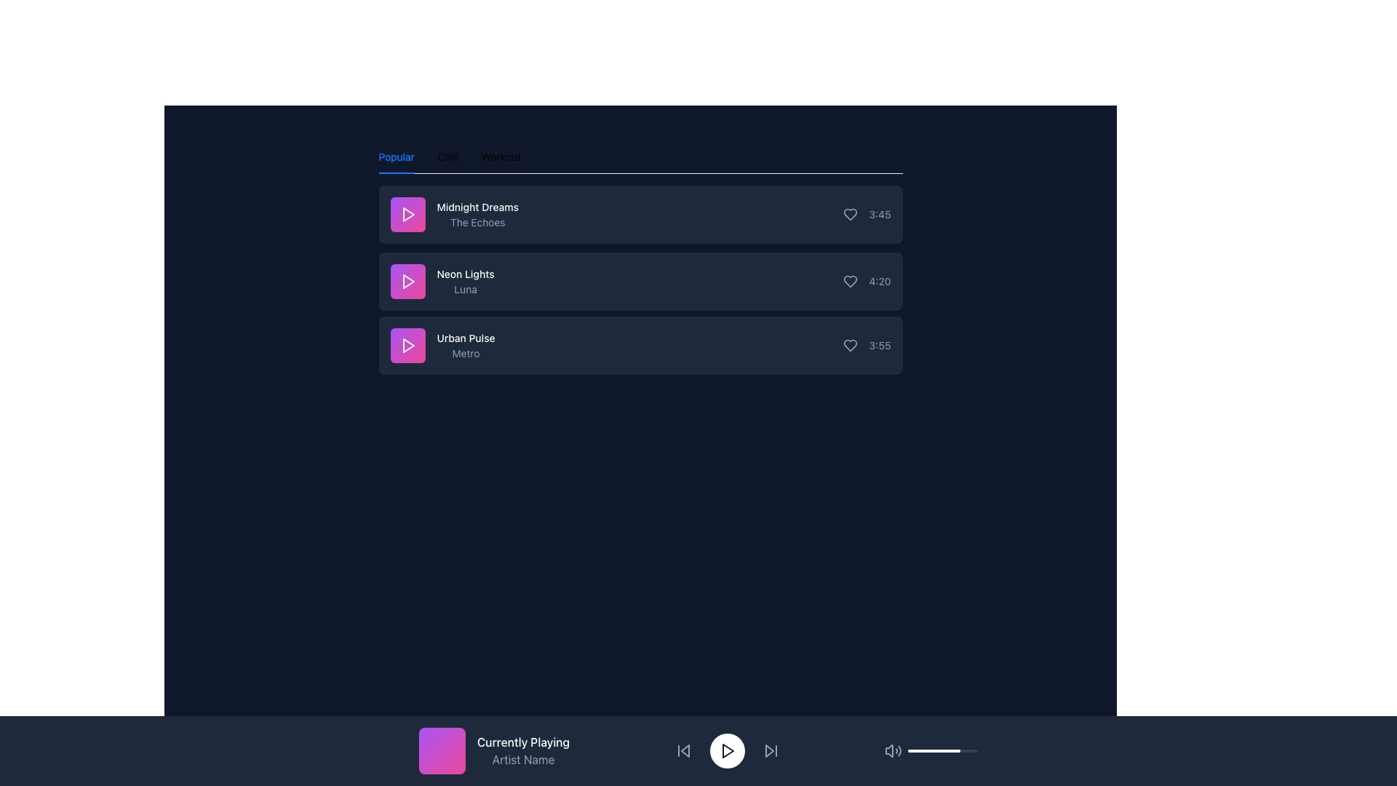 This screenshot has height=786, width=1397. Describe the element at coordinates (407, 214) in the screenshot. I see `the play button icon located at the top-left corner of the item tile for the song 'Midnight Dreams' in the 'Popular' section` at that location.